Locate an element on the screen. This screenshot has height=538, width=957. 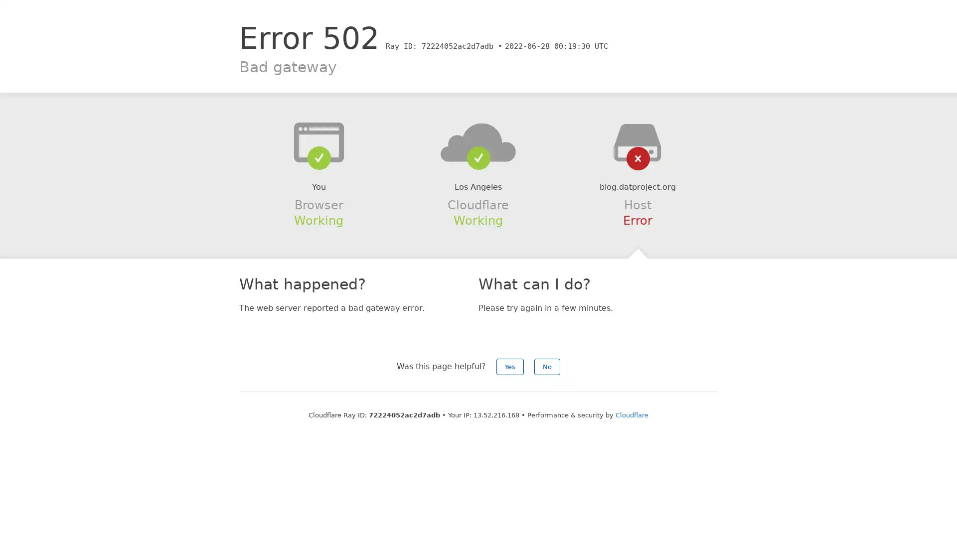
No is located at coordinates (547, 367).